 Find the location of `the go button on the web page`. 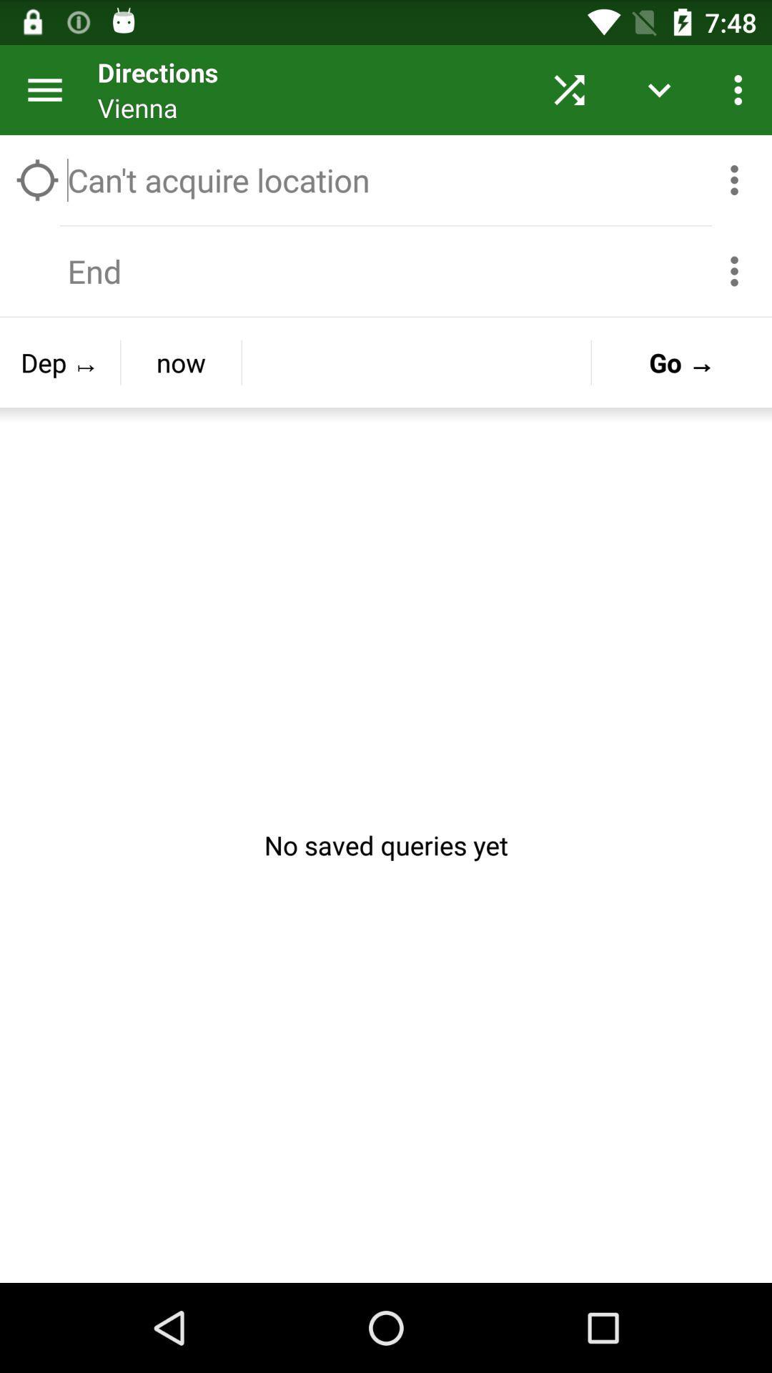

the go button on the web page is located at coordinates (681, 363).